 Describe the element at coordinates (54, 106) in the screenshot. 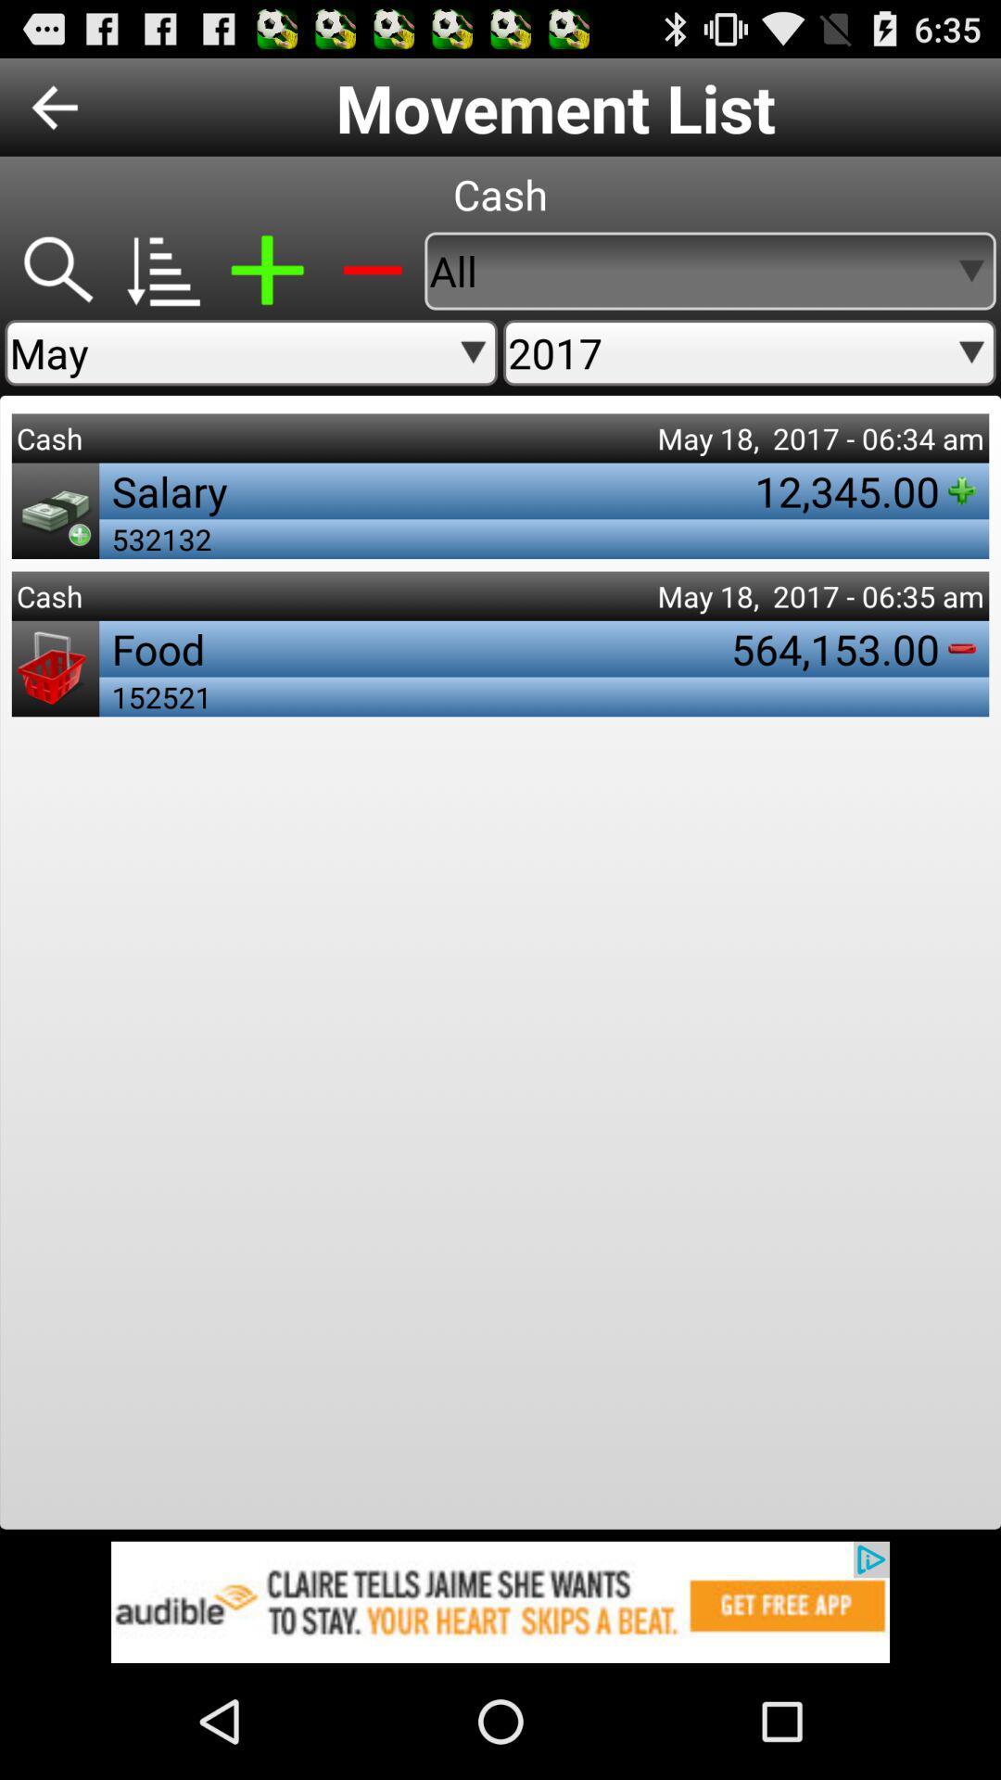

I see `previous screen` at that location.